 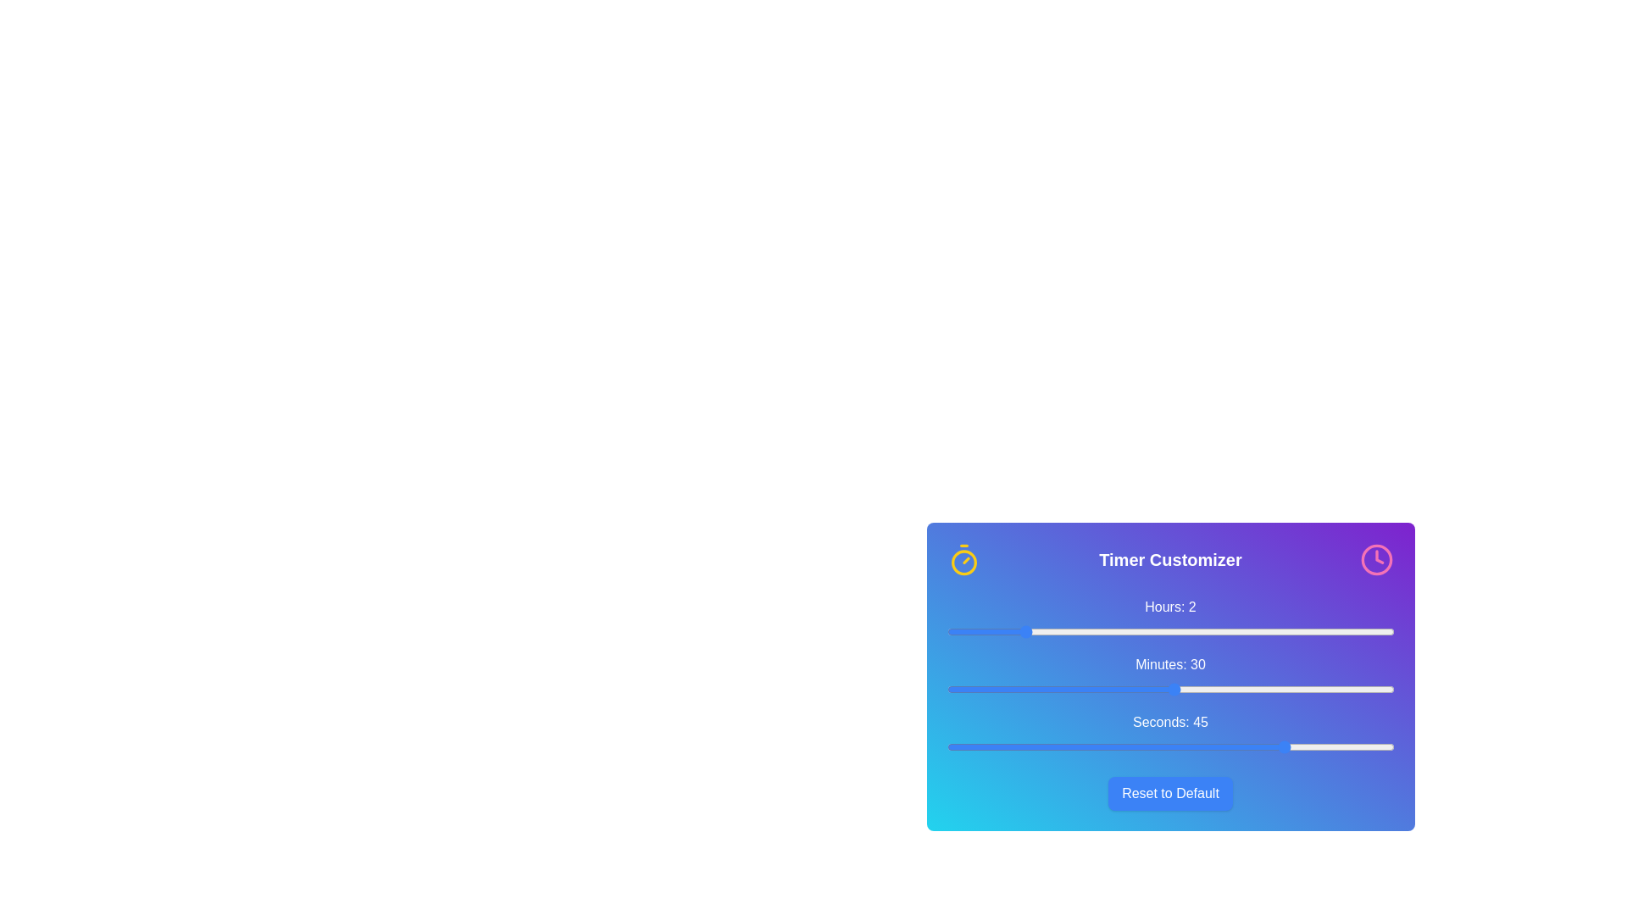 I want to click on the 'hours' slider to set the hour value to 4, so click(x=1096, y=631).